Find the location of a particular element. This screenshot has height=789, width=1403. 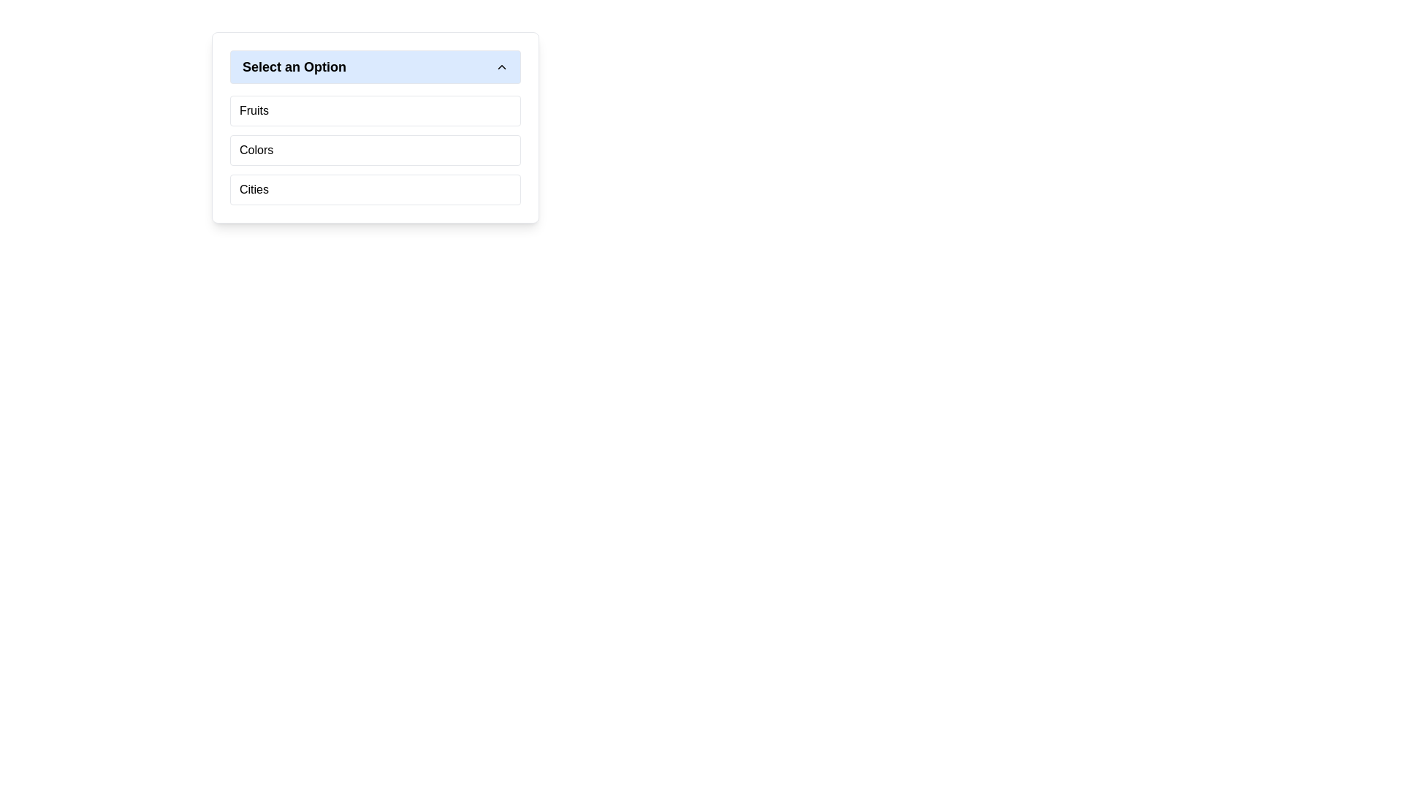

the first selectable option in the list labeled 'Fruits' is located at coordinates (375, 110).